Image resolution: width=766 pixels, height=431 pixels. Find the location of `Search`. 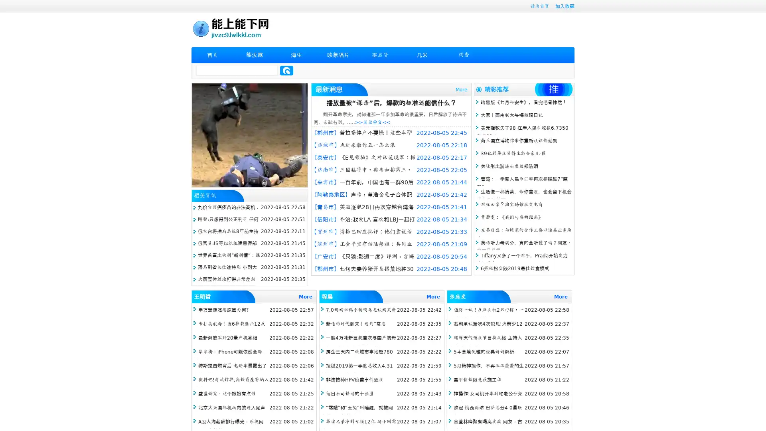

Search is located at coordinates (286, 70).